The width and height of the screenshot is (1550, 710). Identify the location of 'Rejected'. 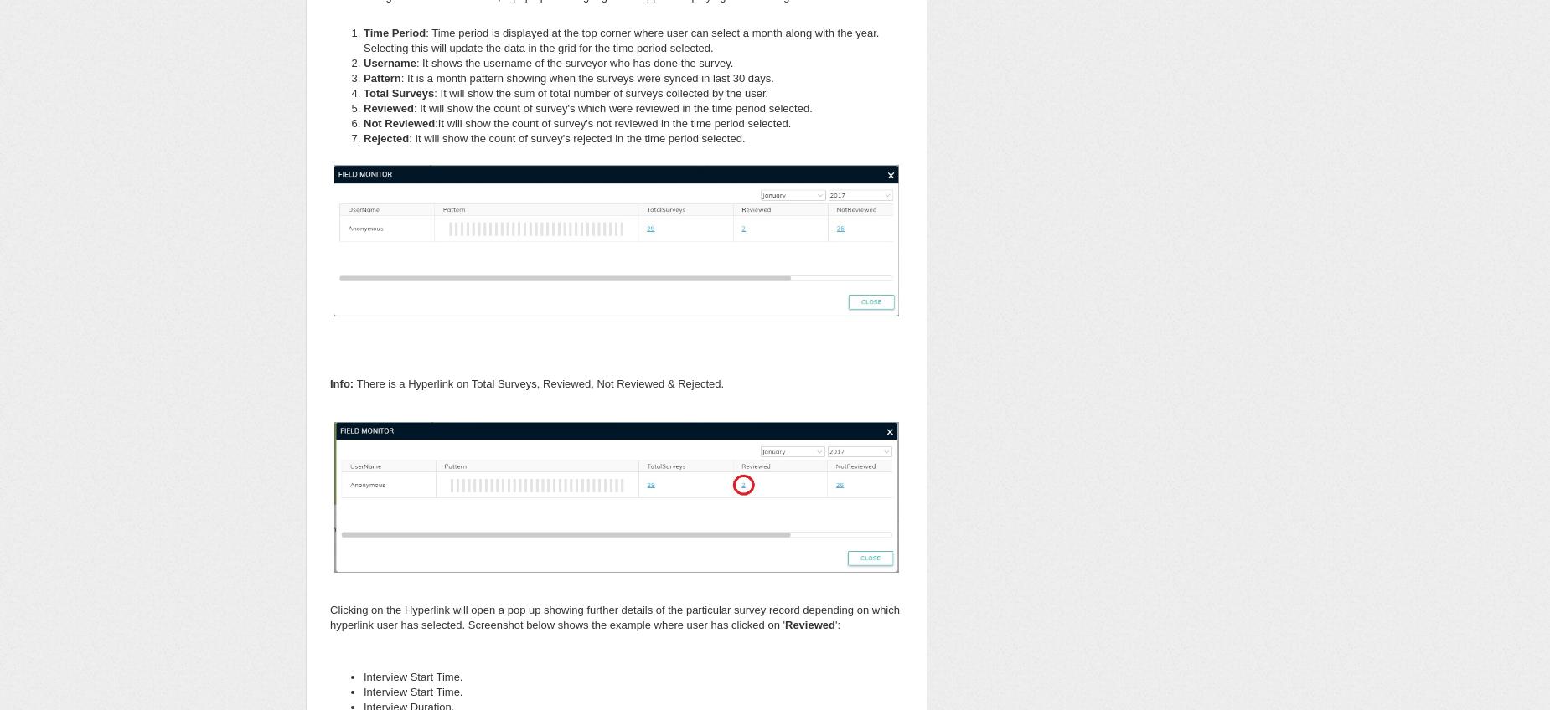
(385, 137).